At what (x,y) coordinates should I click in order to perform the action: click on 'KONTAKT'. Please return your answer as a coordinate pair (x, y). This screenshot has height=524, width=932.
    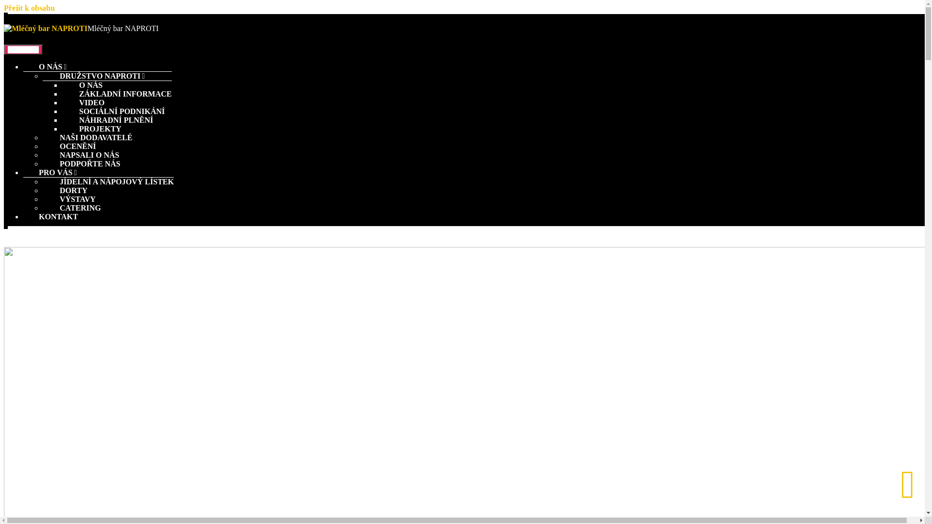
    Looking at the image, I should click on (58, 216).